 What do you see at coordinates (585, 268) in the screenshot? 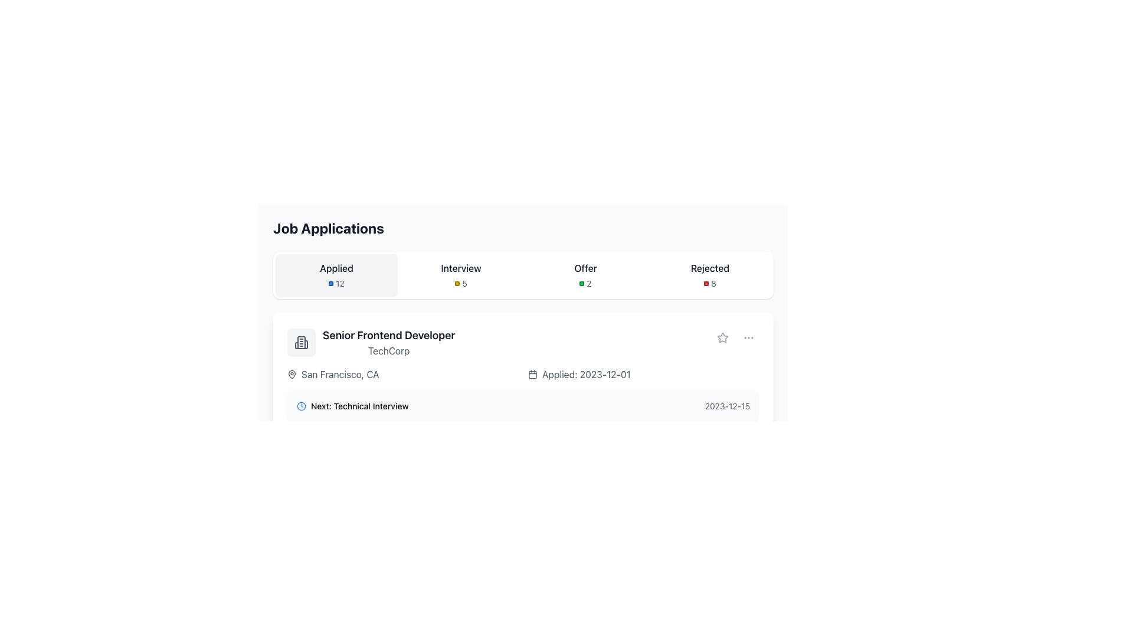
I see `the status label that indicates the application state, centrally positioned between the 'Interview' and 'Rejected' labels in the upper portion of the page` at bounding box center [585, 268].